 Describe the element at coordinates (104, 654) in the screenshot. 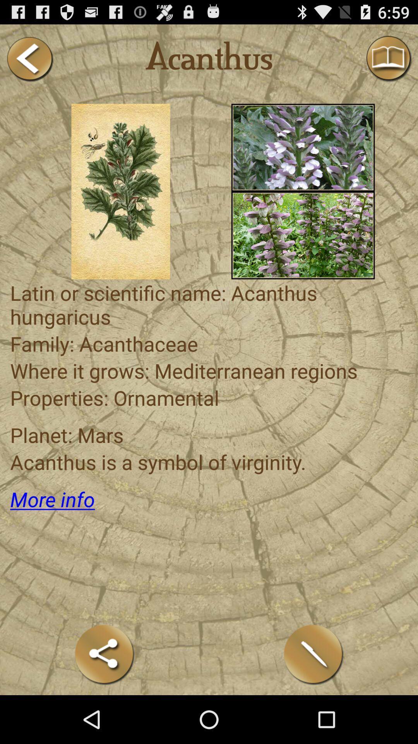

I see `share` at that location.